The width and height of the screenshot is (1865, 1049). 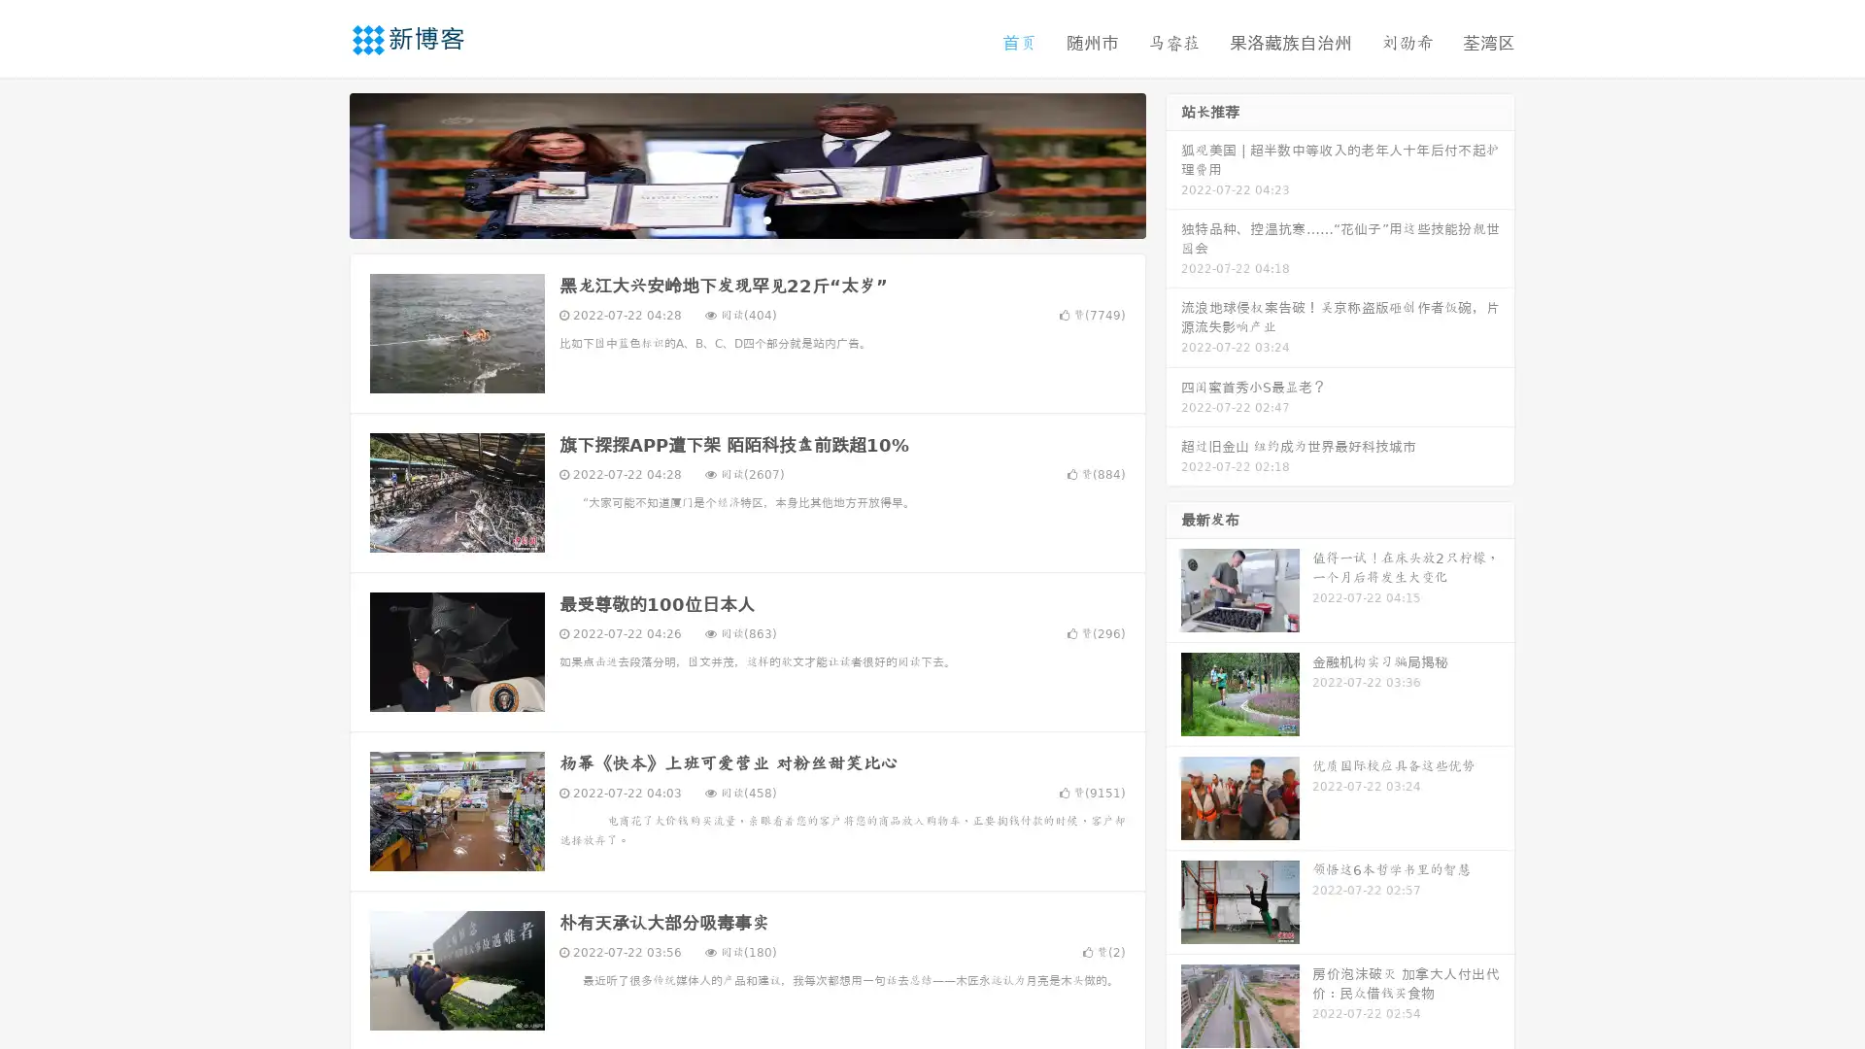 What do you see at coordinates (746, 219) in the screenshot?
I see `Go to slide 2` at bounding box center [746, 219].